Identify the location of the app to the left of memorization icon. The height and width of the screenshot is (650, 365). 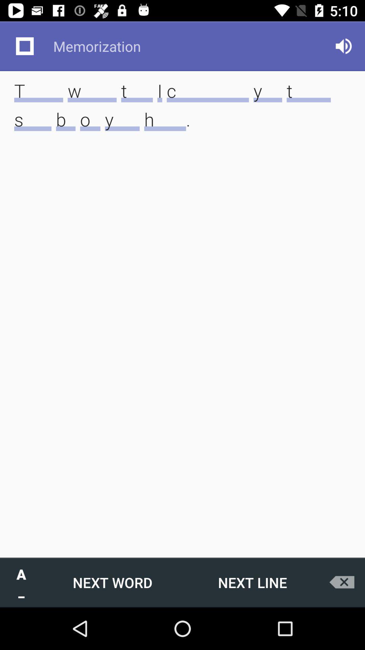
(24, 46).